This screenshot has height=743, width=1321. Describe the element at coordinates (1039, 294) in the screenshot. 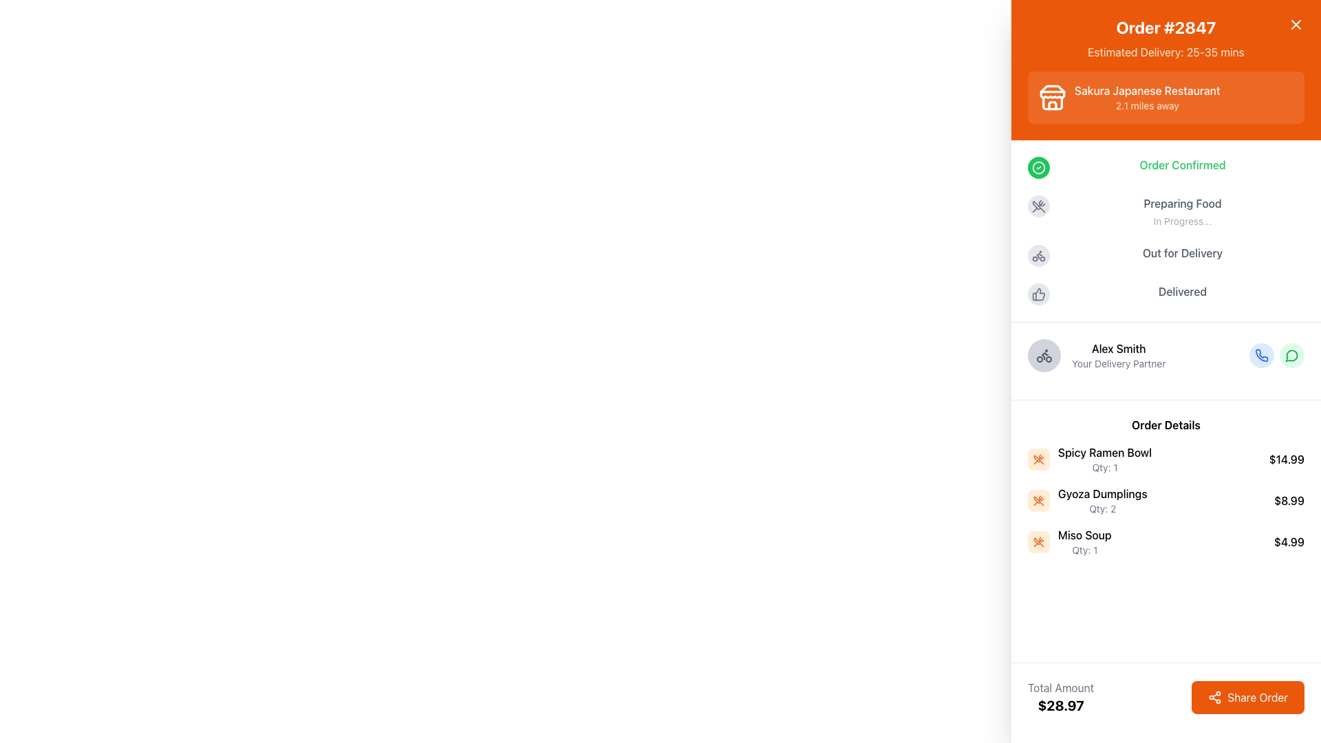

I see `the small light gray thumbs-up icon located in the right-side panel of the interface to interact with the delivery partner's details` at that location.